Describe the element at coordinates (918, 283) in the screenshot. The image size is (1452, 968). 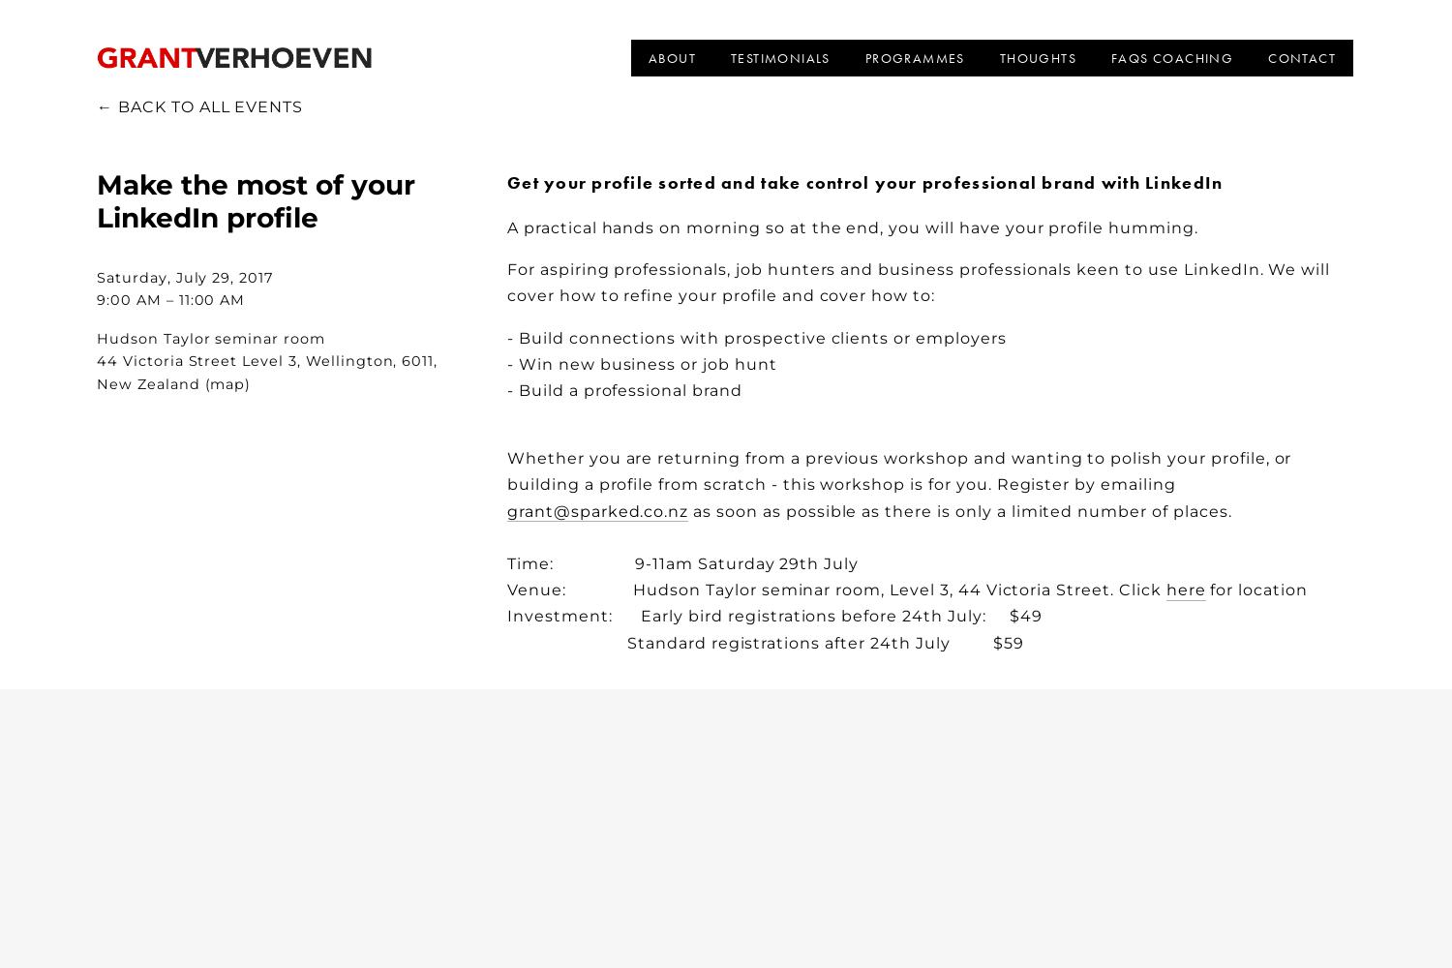
I see `'For aspiring professionals, job hunters and business professionals keen to use LinkedIn. We will cover how to refine your profile and cover how to:'` at that location.